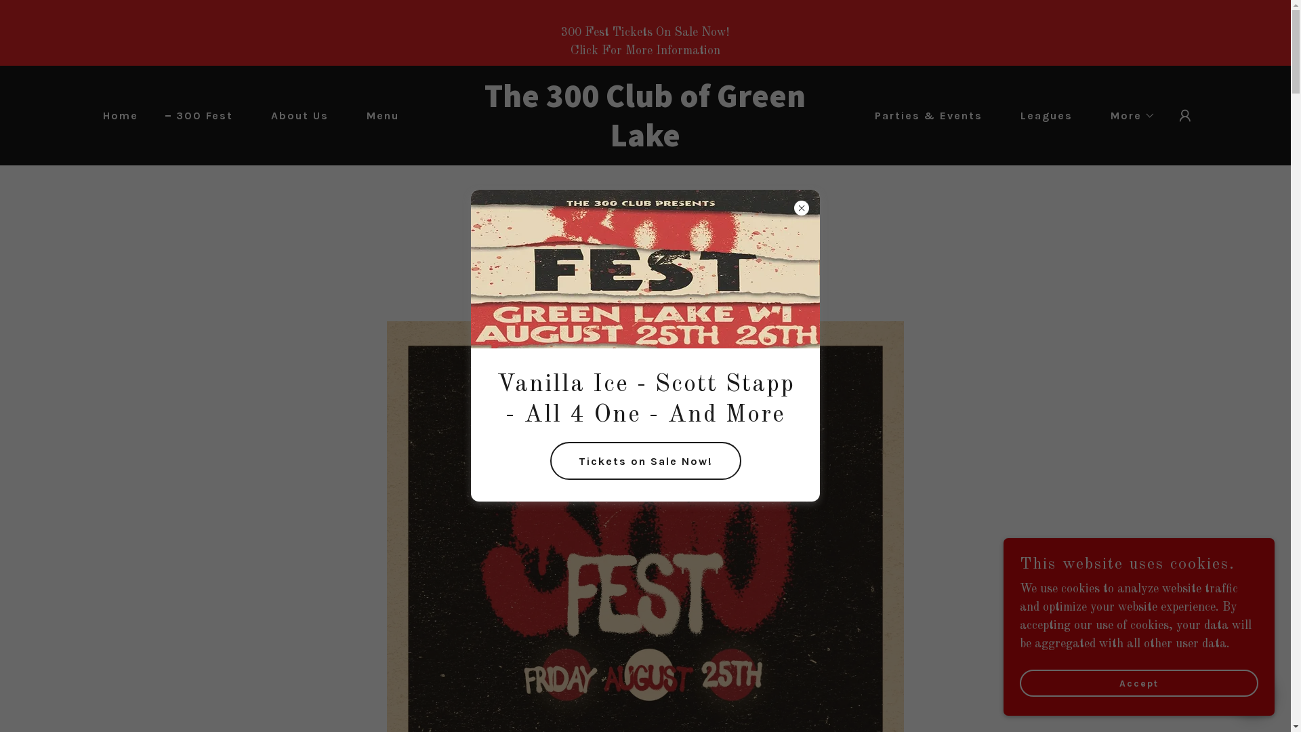  Describe the element at coordinates (293, 115) in the screenshot. I see `'About Us'` at that location.